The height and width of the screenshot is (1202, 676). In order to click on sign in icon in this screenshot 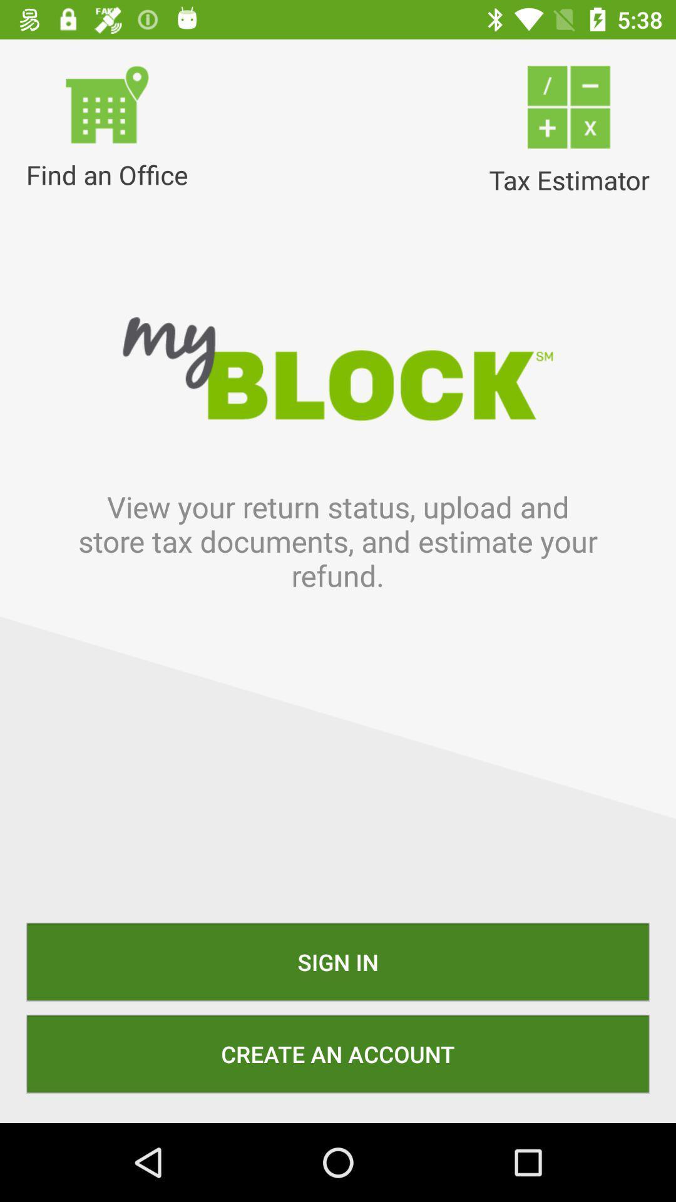, I will do `click(338, 961)`.